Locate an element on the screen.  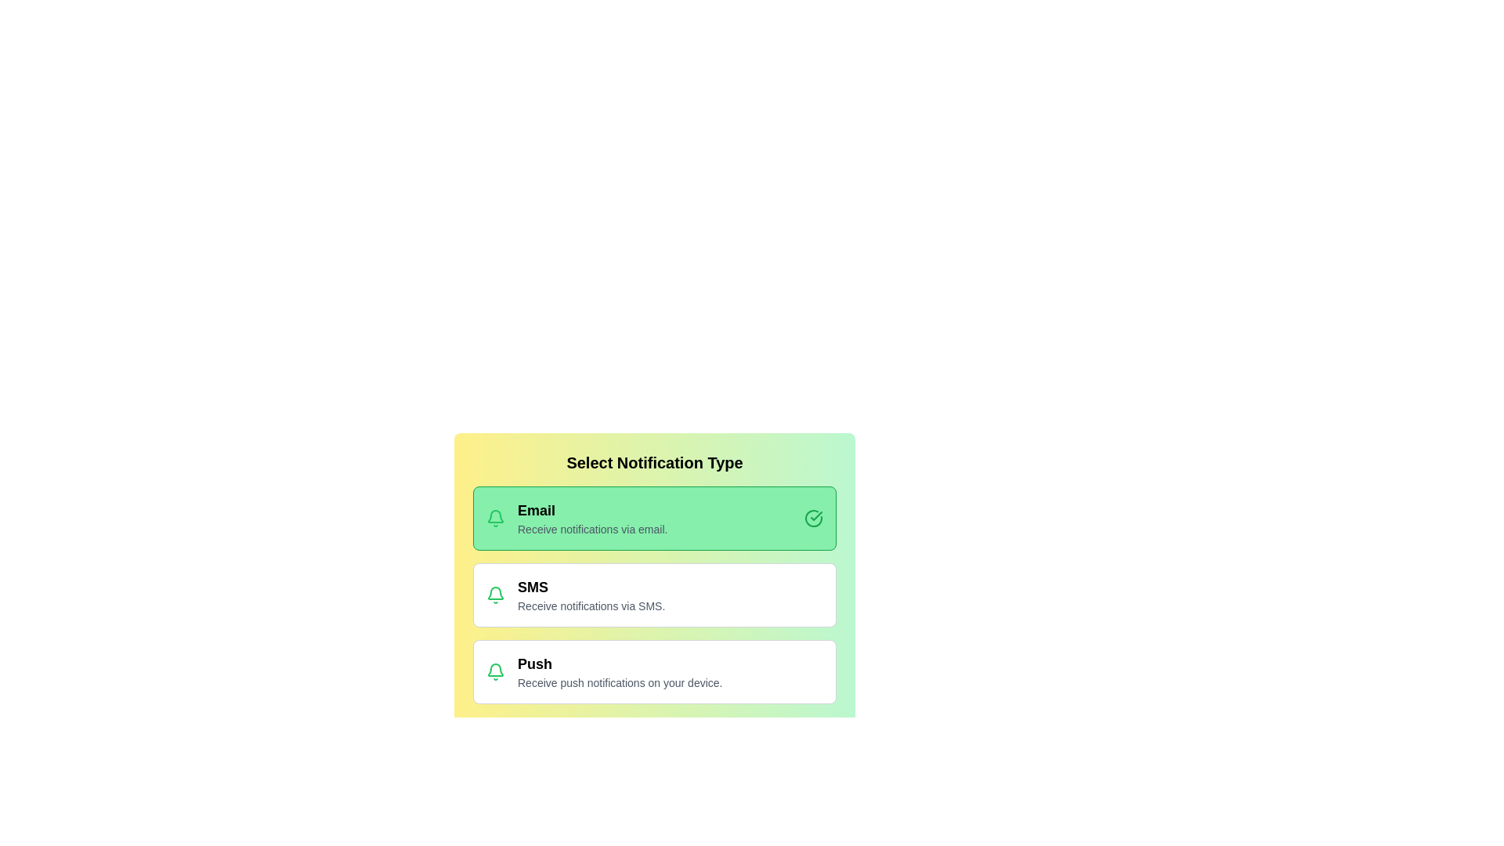
the button labeled 'Push' is located at coordinates (670, 671).